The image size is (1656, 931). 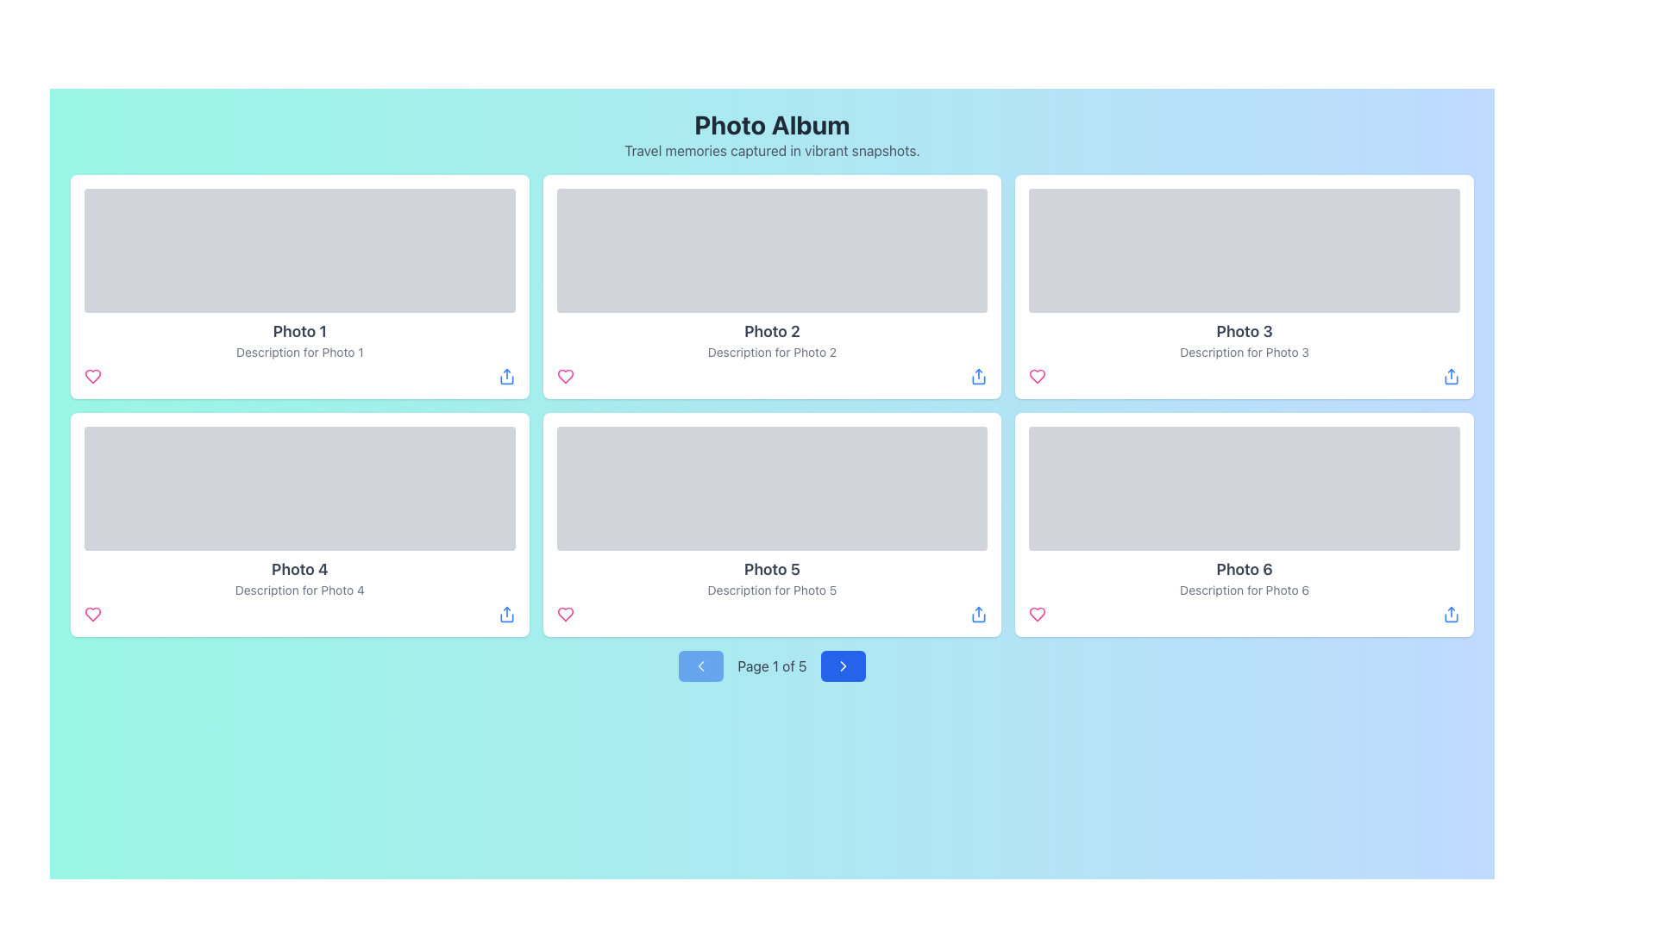 I want to click on the heart-shaped button located at the bottom-left corner of the Photo 5 card in the second row of the photo grid layout to mark the associated image as a favorite, so click(x=565, y=614).